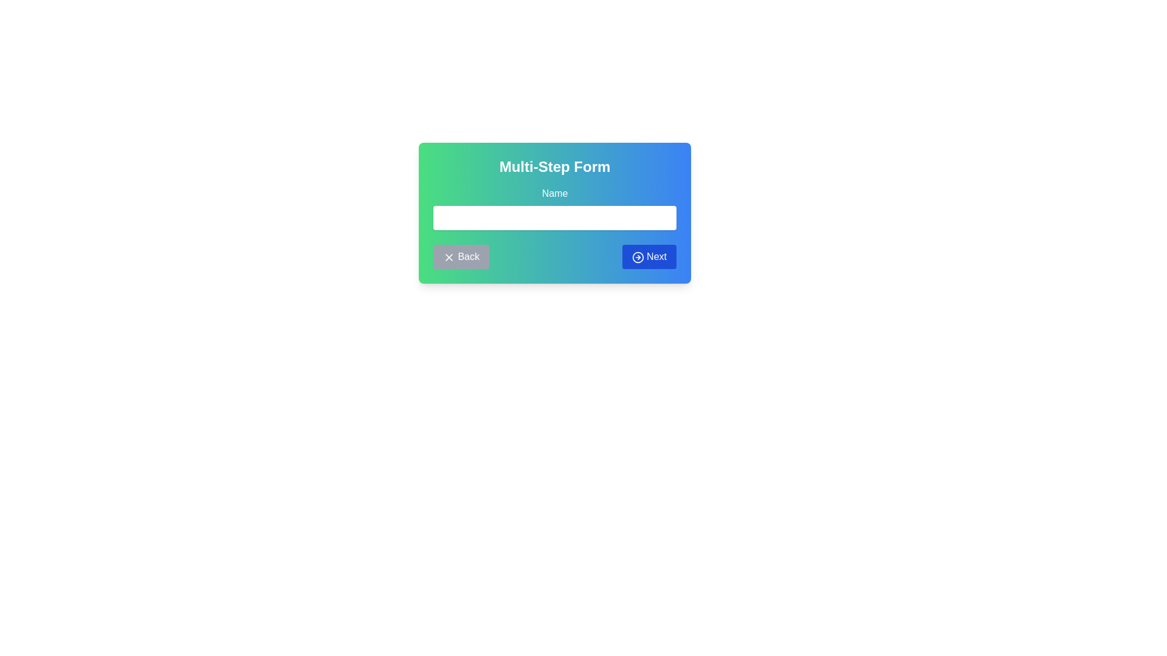 The image size is (1167, 656). I want to click on the 'X' icon located on the left side of the 'Back' button, which serves as a visual cue to indicate the action of going back, so click(449, 256).